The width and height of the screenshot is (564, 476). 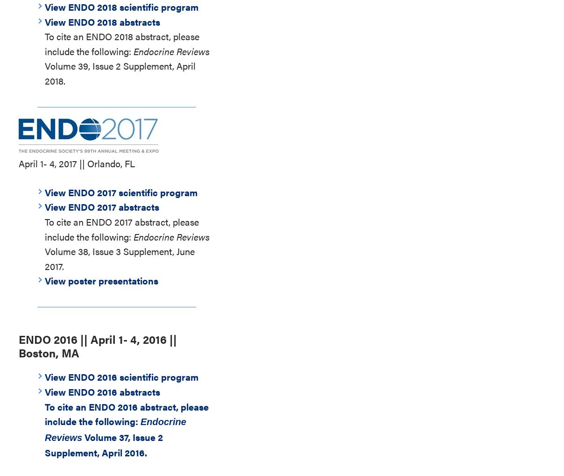 What do you see at coordinates (44, 73) in the screenshot?
I see `'Volume 39, Issue 2 Supplement, April 2018.'` at bounding box center [44, 73].